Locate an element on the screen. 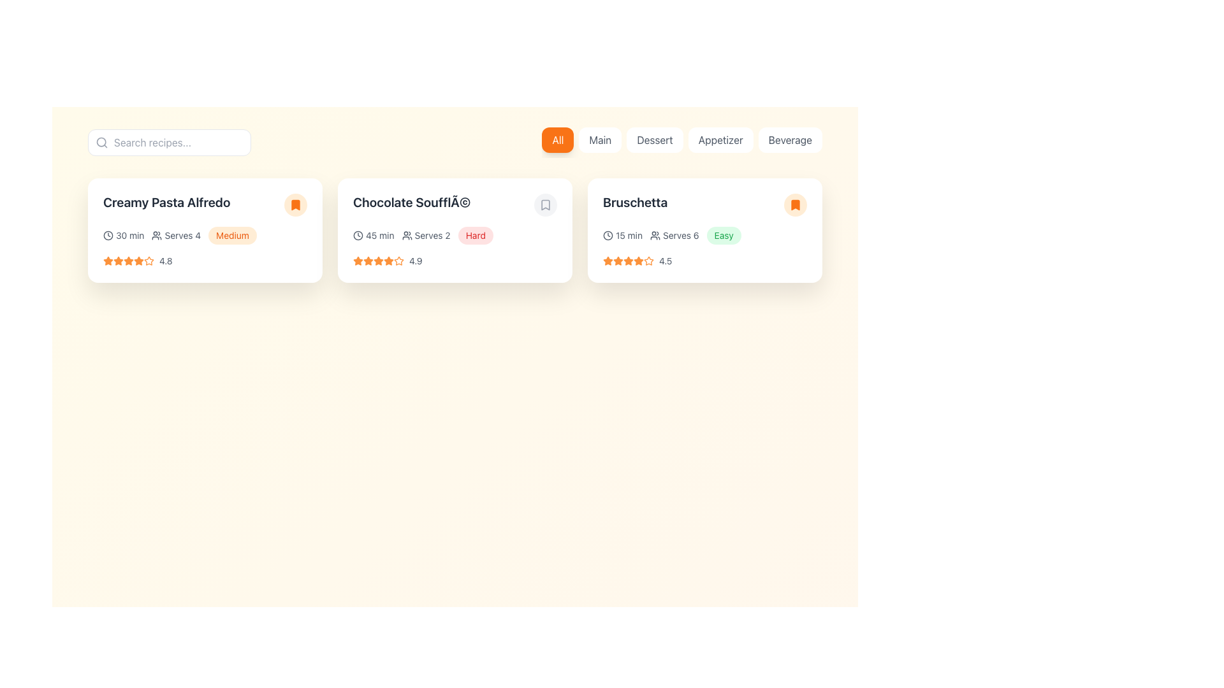  the third star rating icon (orange filled star) located at the bottom of the 'Chocolate Soufflé' card is located at coordinates (378, 260).